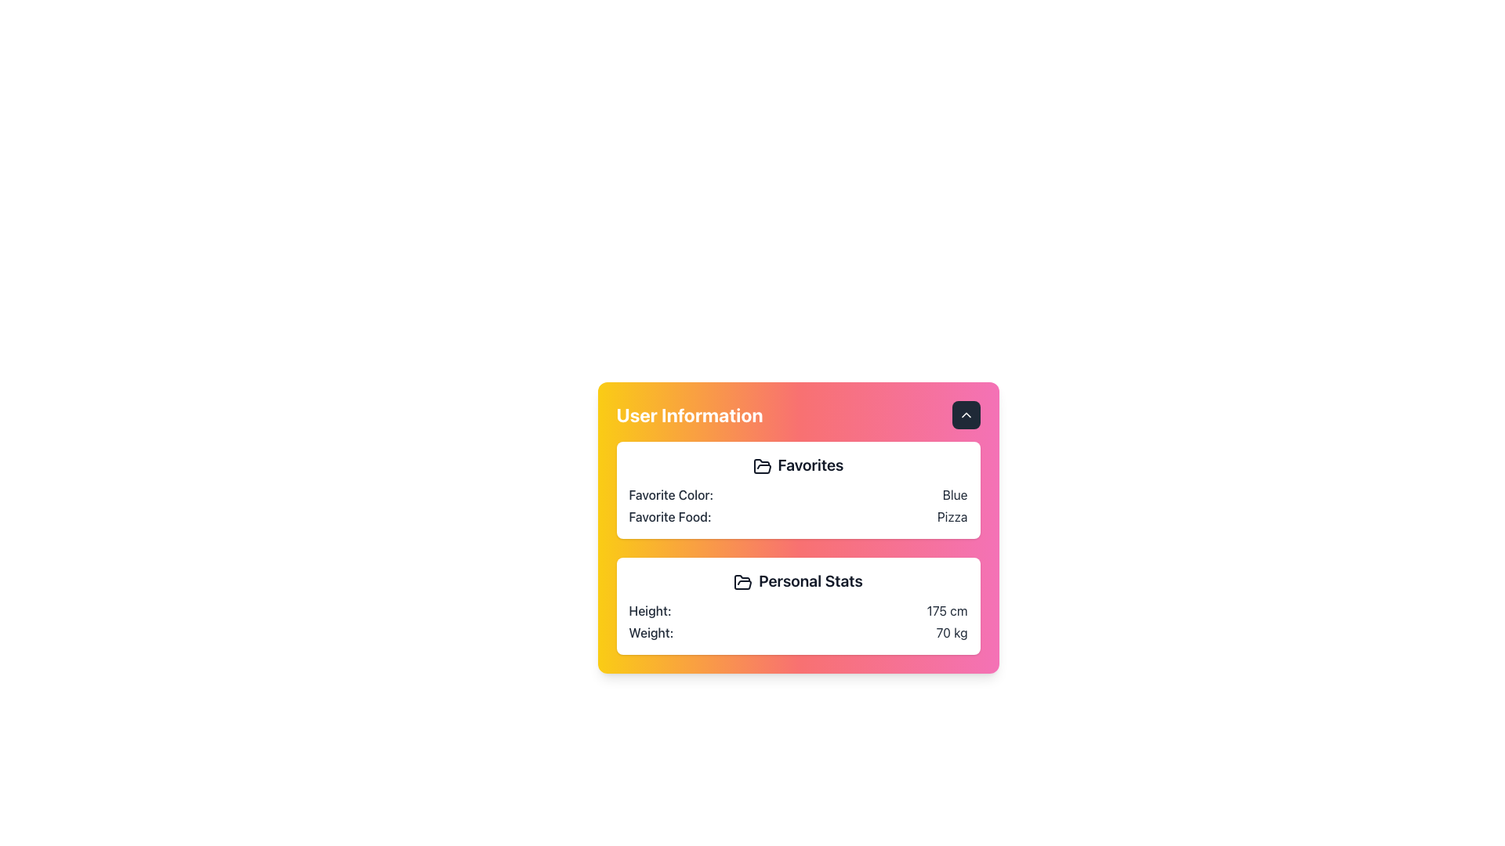 This screenshot has width=1505, height=846. Describe the element at coordinates (669, 516) in the screenshot. I see `text label displaying 'Favorite Food:' which is part of the user information box and aligned to the left of its associated value 'Pizza.'` at that location.